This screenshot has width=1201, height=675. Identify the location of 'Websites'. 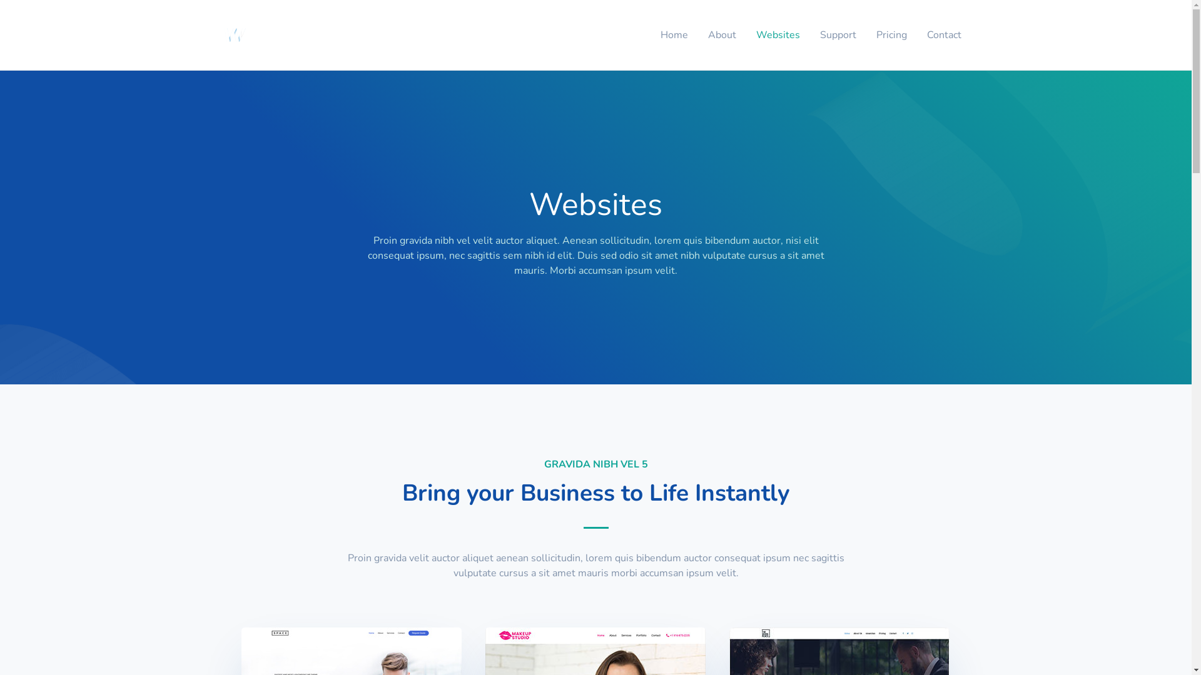
(745, 34).